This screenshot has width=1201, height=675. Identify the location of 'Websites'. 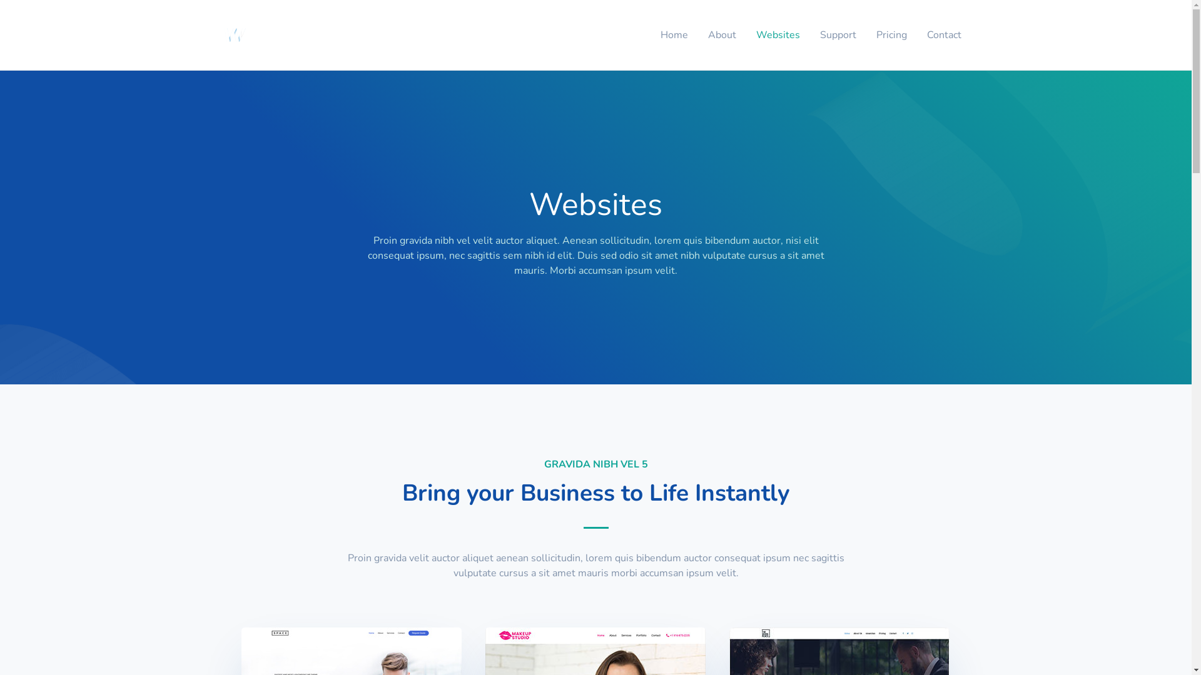
(745, 34).